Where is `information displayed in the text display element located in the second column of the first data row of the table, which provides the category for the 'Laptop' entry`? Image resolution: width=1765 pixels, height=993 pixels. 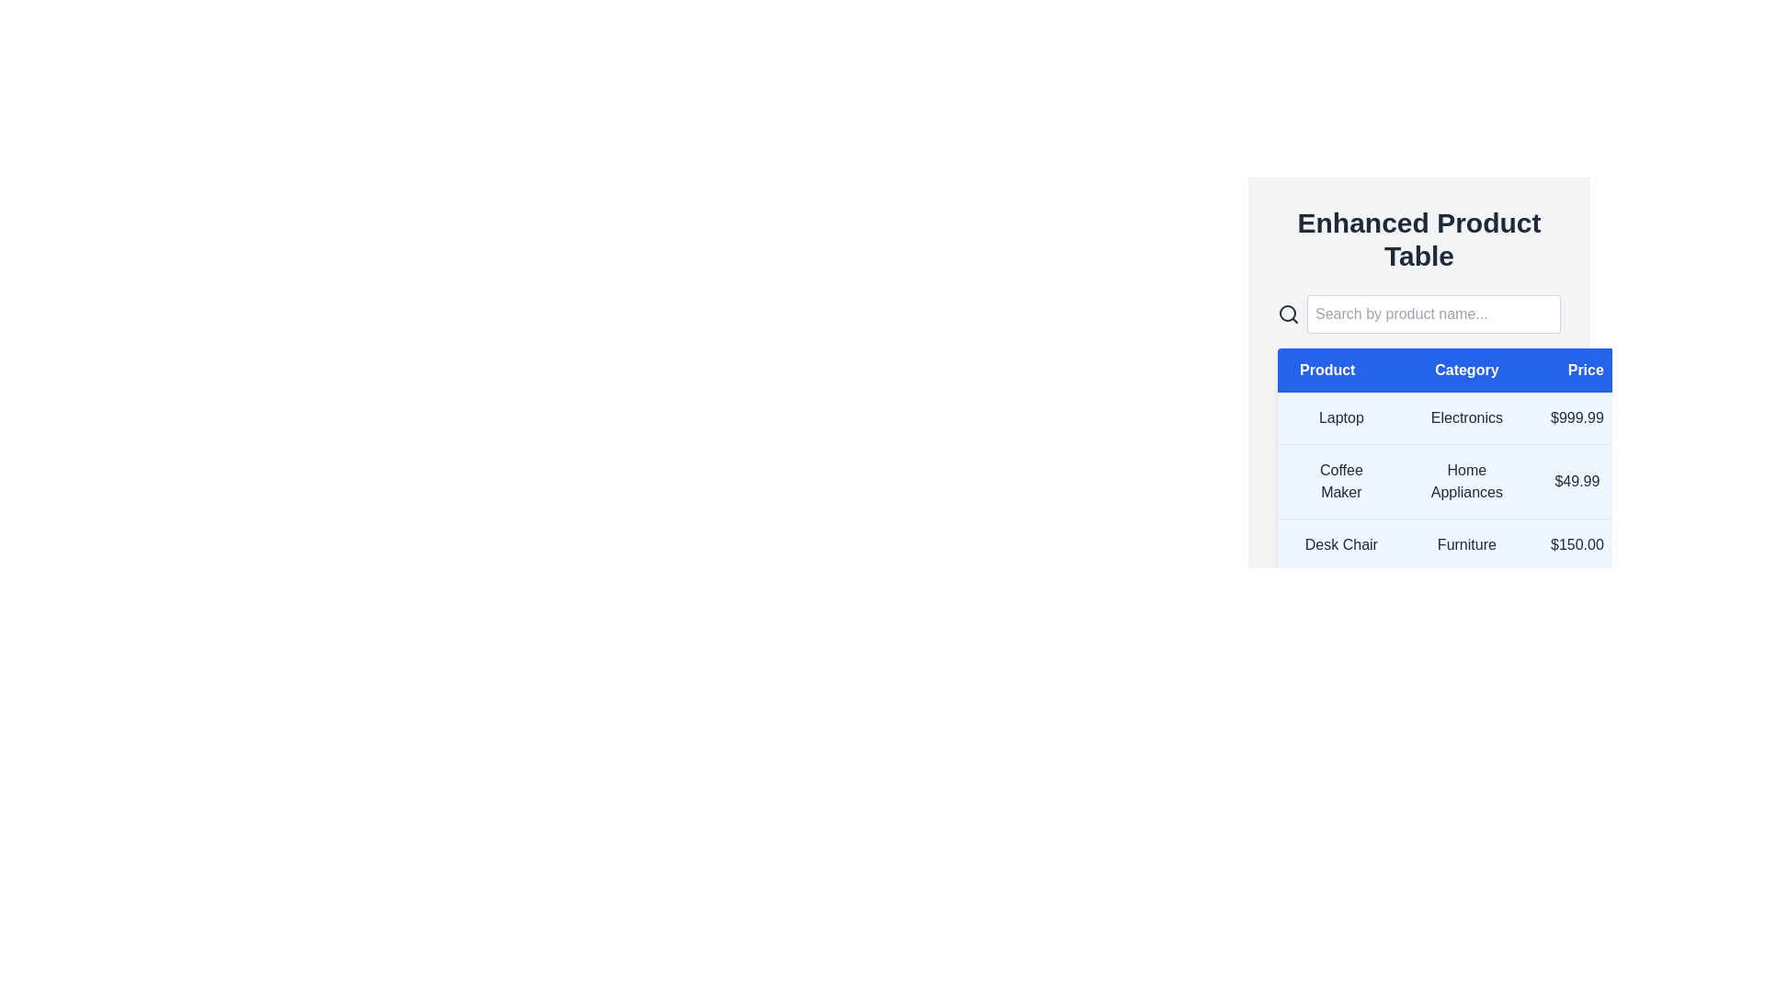
information displayed in the text display element located in the second column of the first data row of the table, which provides the category for the 'Laptop' entry is located at coordinates (1465, 418).